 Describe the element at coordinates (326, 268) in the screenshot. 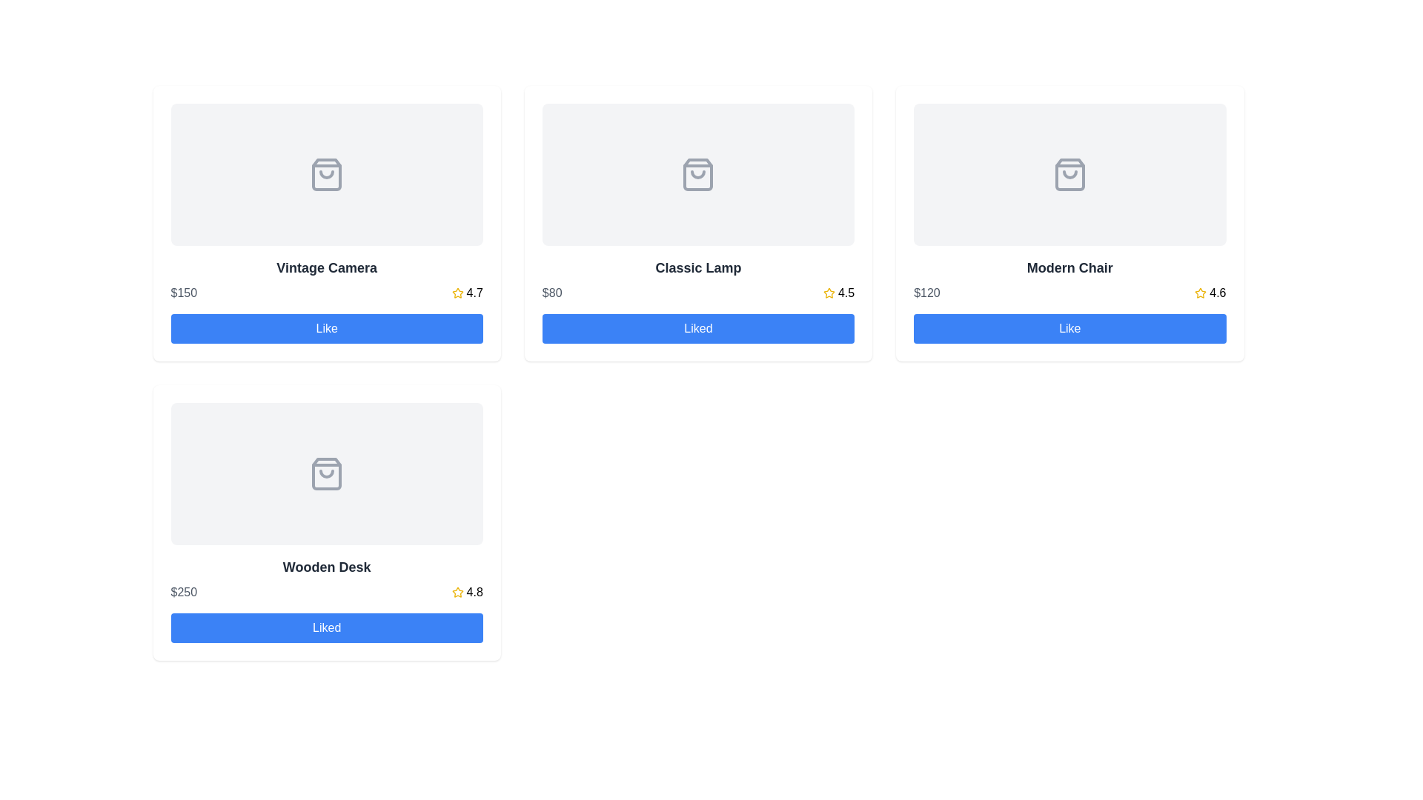

I see `text displayed in the 'Vintage Camera' label, which is a bold, large, dark gray text located below the image in the leftmost card of the first row` at that location.